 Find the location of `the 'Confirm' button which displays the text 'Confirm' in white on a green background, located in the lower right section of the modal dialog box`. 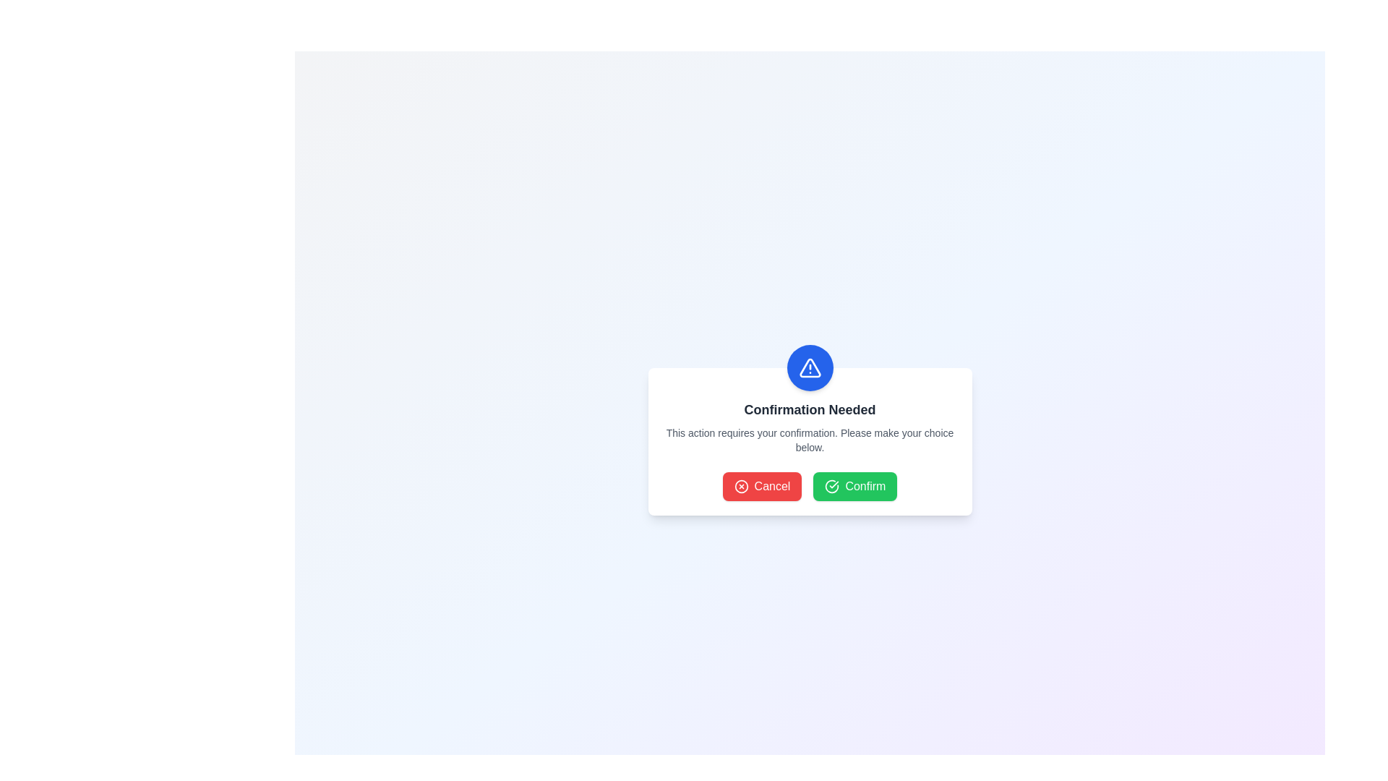

the 'Confirm' button which displays the text 'Confirm' in white on a green background, located in the lower right section of the modal dialog box is located at coordinates (865, 486).